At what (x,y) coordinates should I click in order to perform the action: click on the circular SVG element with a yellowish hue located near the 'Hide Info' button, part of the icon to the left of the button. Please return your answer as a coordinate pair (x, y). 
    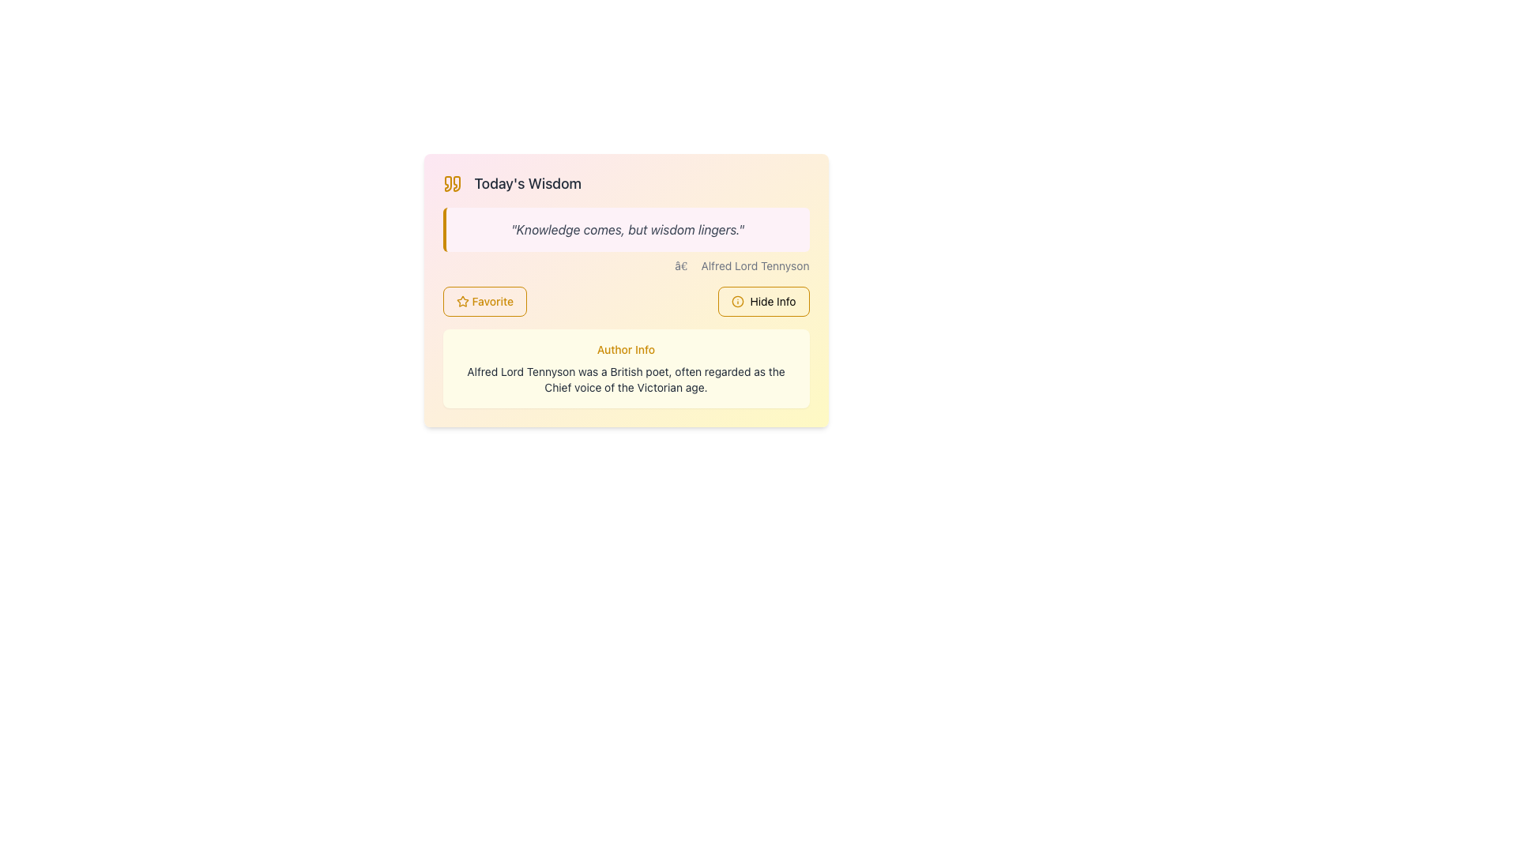
    Looking at the image, I should click on (736, 301).